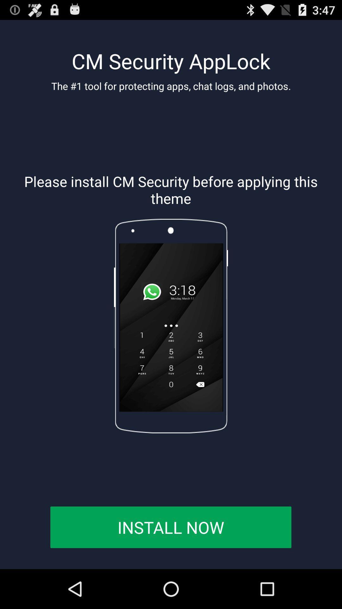 The width and height of the screenshot is (342, 609). I want to click on the button at the bottom, so click(170, 527).